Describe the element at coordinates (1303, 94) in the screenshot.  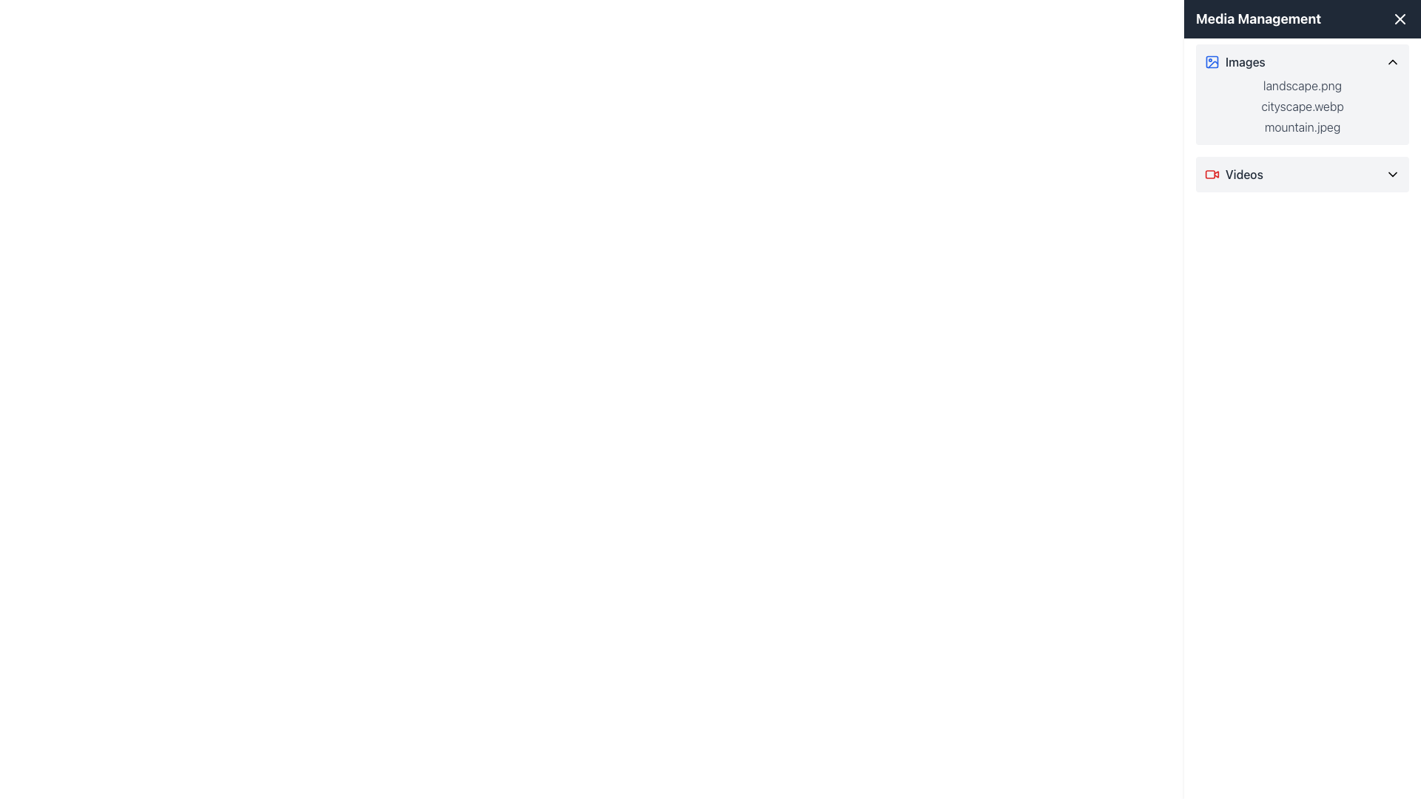
I see `the collapsible listing panel for image files under the 'Media Management' section` at that location.